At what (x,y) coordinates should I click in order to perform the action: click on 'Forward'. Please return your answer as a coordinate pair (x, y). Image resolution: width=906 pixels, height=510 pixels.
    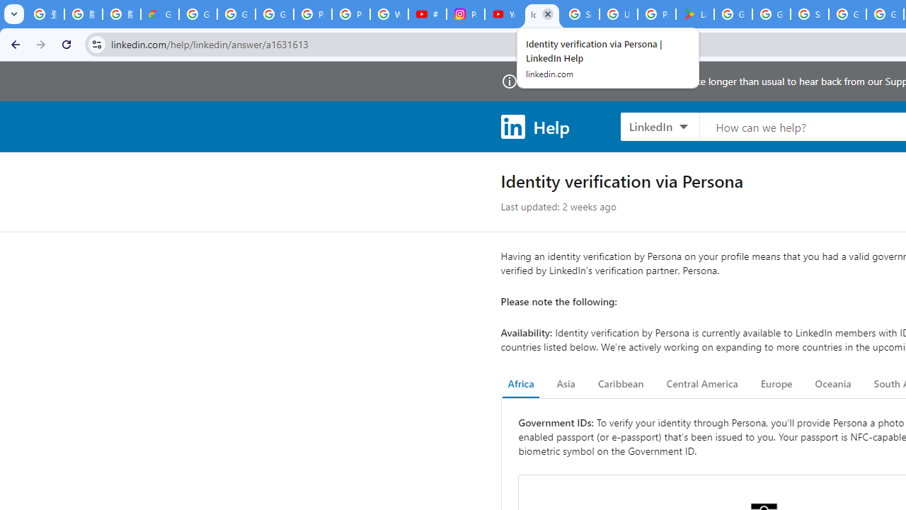
    Looking at the image, I should click on (41, 43).